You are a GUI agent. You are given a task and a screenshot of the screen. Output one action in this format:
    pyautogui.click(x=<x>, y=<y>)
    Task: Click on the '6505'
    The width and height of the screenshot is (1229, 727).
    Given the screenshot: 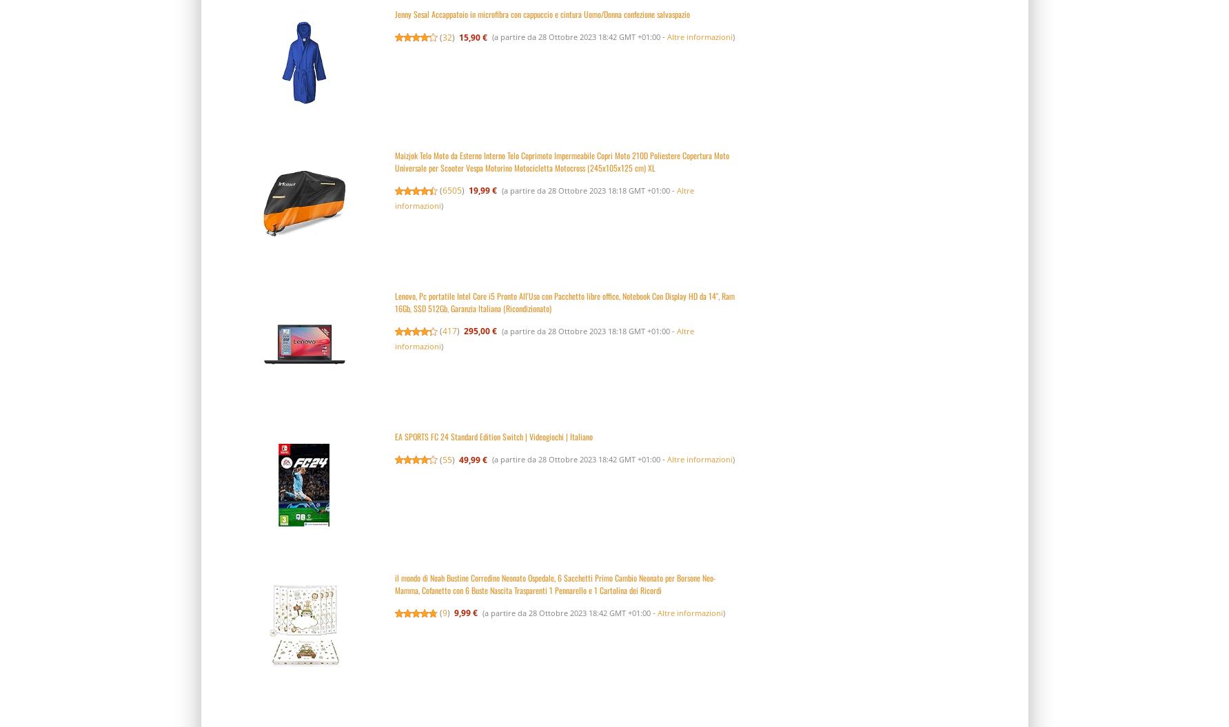 What is the action you would take?
    pyautogui.click(x=451, y=190)
    